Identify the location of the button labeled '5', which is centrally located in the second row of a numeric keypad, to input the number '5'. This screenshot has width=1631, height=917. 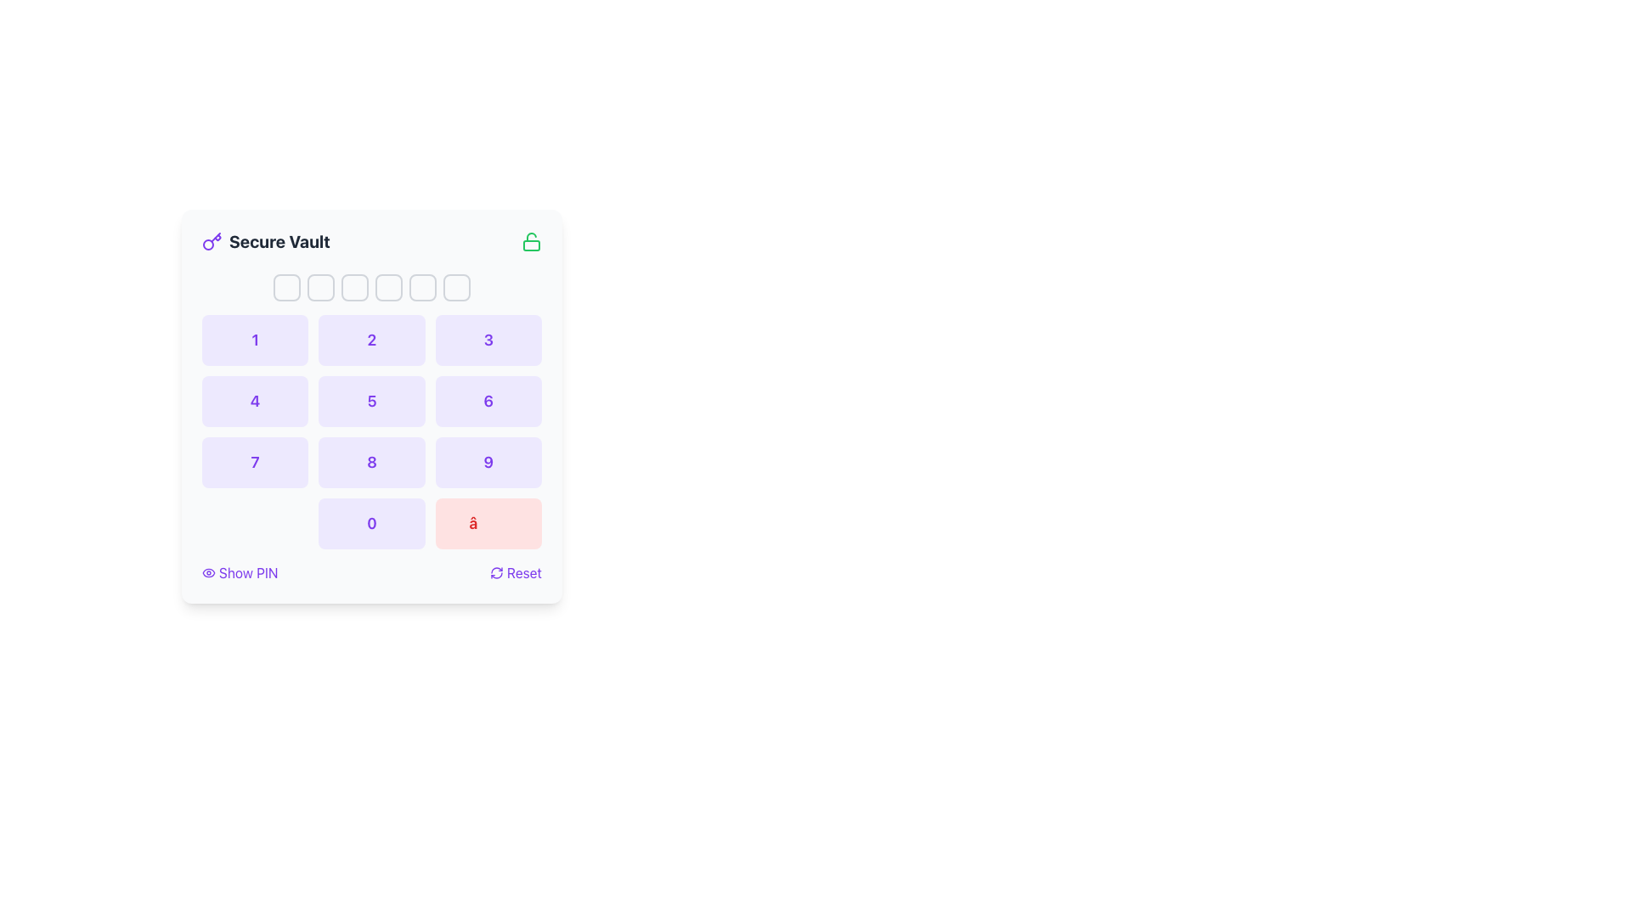
(370, 402).